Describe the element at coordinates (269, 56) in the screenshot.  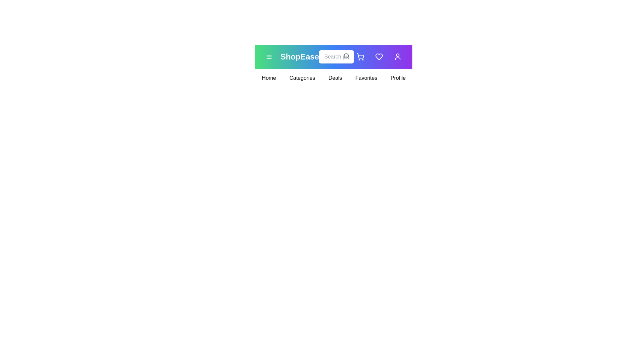
I see `the menu icon to toggle the menu visibility` at that location.